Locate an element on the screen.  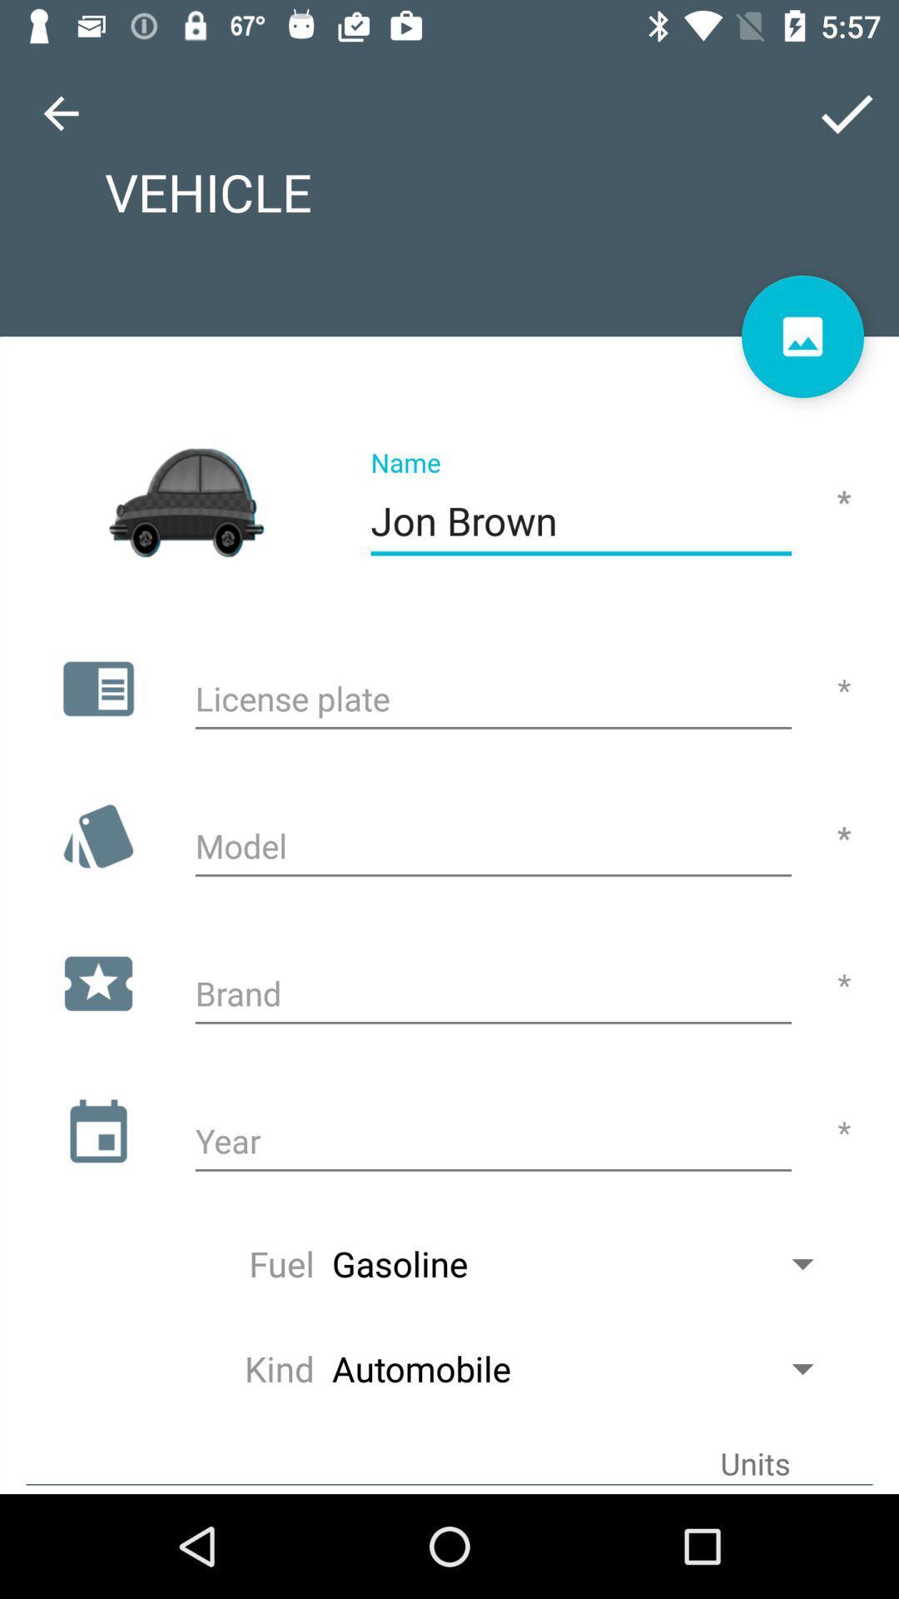
to show the picture is located at coordinates (802, 336).